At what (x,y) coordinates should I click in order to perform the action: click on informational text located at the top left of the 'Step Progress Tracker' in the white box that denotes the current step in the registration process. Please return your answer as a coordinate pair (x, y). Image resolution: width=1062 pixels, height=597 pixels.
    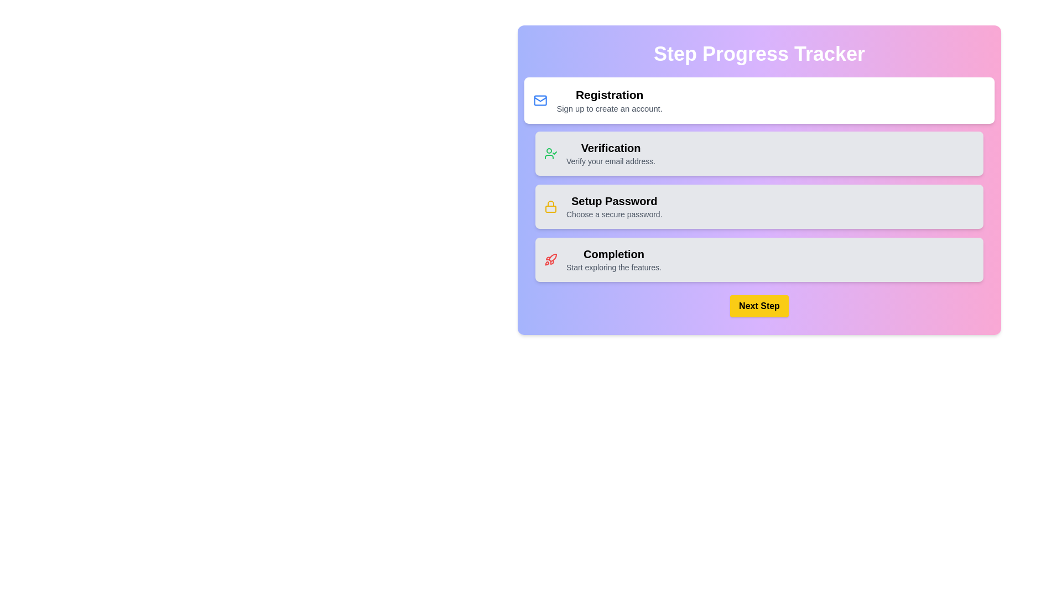
    Looking at the image, I should click on (609, 100).